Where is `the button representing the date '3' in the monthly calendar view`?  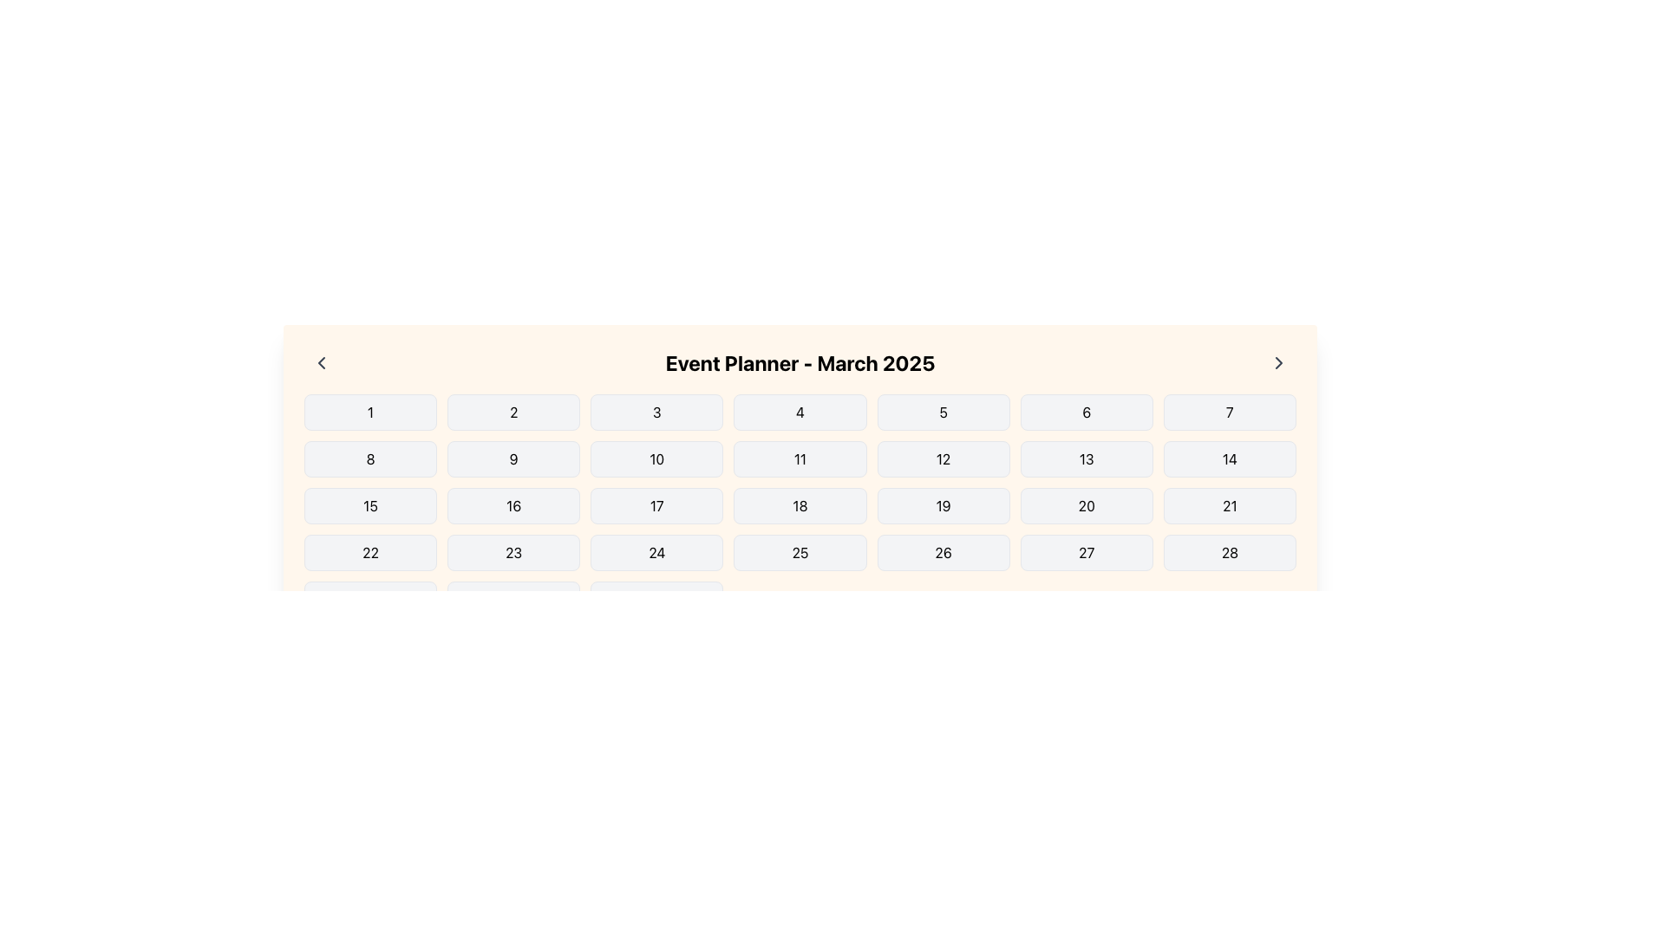 the button representing the date '3' in the monthly calendar view is located at coordinates (656, 412).